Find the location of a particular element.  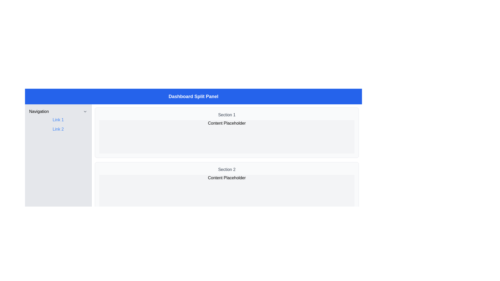

the downward-pointing chevron icon located on the right side of the 'Navigation' label in the sidebar is located at coordinates (85, 111).